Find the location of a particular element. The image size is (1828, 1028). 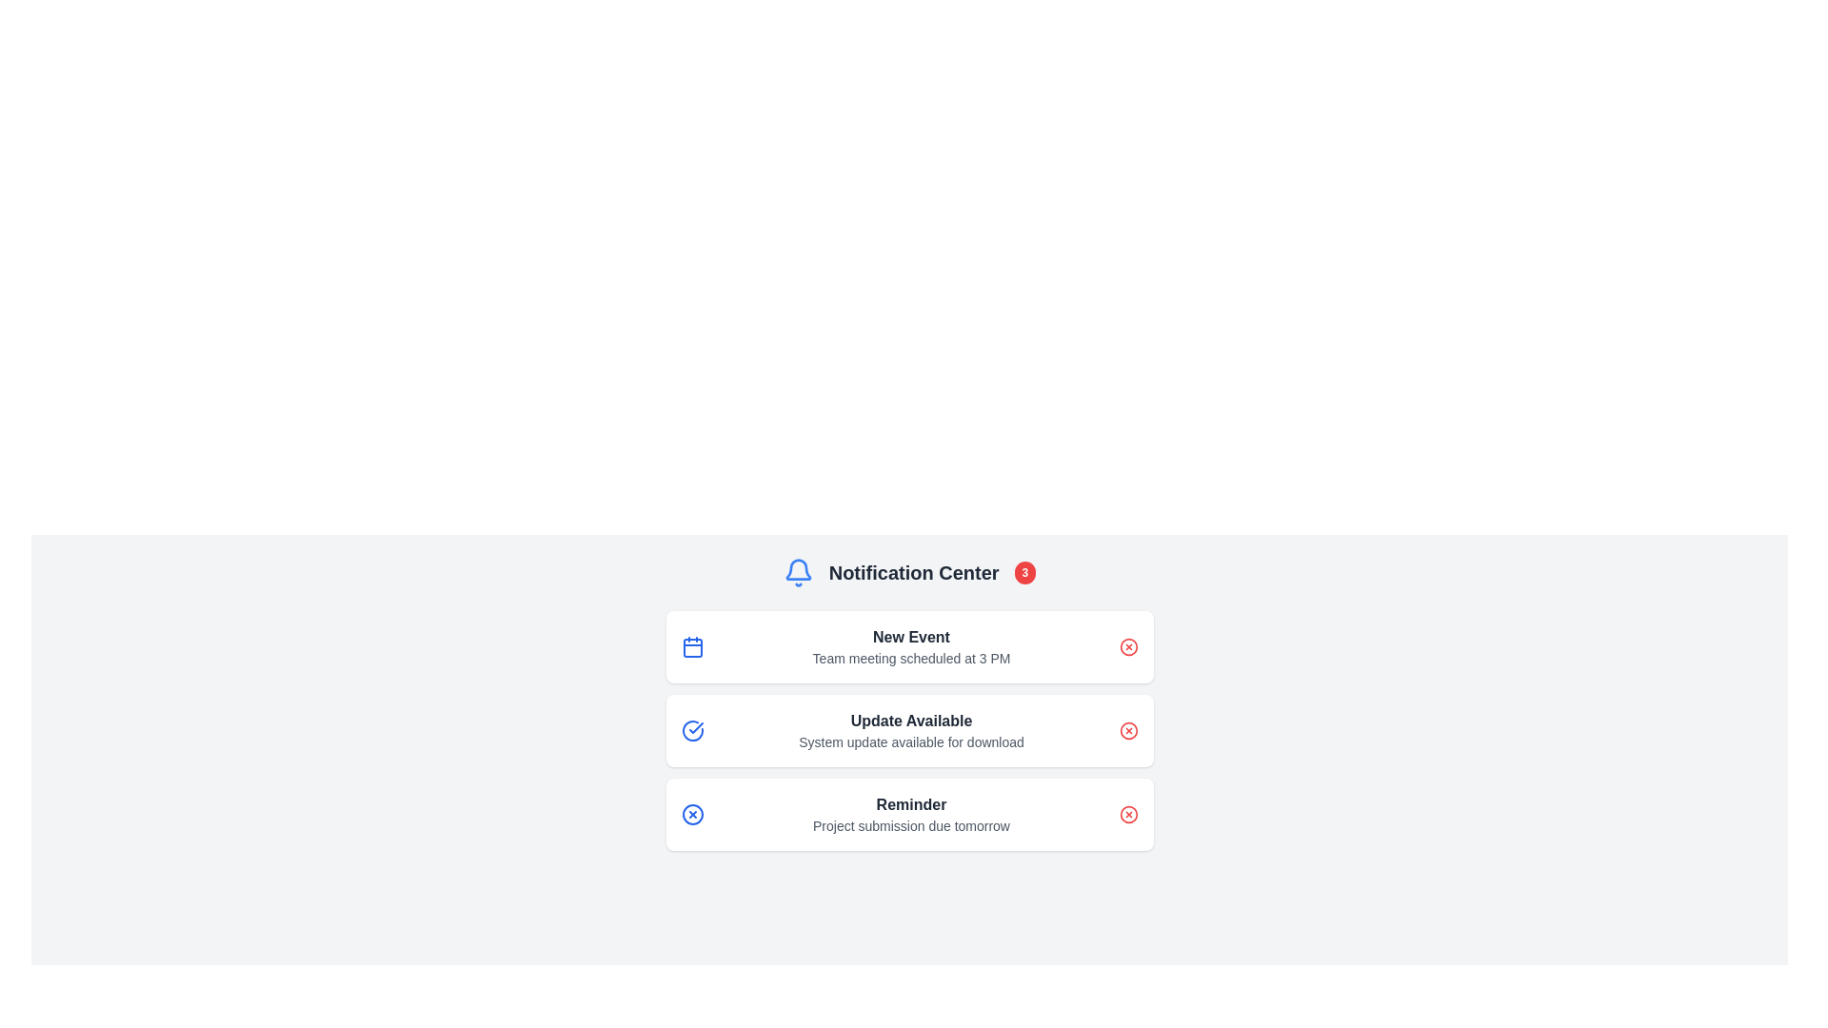

the static text label that serves as the title for the notification card, which provides a summary of the notification context, located at the top of the first notification card in the Notification Center interface is located at coordinates (910, 638).